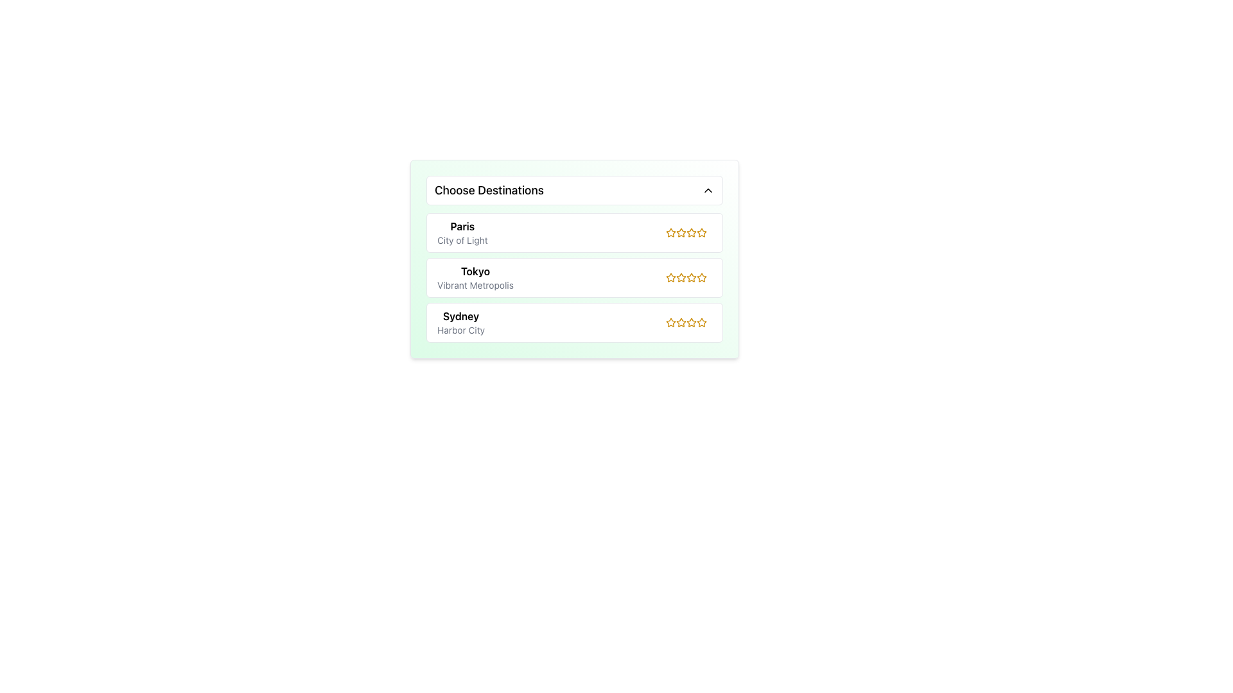 This screenshot has height=693, width=1233. I want to click on the first golden star in the rating section for 'Paris, City of Light' under 'Choose Destinations', so click(701, 232).